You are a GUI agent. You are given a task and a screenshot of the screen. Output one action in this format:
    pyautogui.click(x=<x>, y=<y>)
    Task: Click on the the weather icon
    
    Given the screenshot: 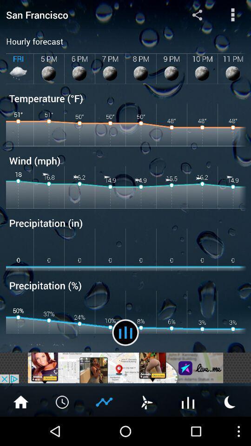 What is the action you would take?
    pyautogui.click(x=146, y=430)
    